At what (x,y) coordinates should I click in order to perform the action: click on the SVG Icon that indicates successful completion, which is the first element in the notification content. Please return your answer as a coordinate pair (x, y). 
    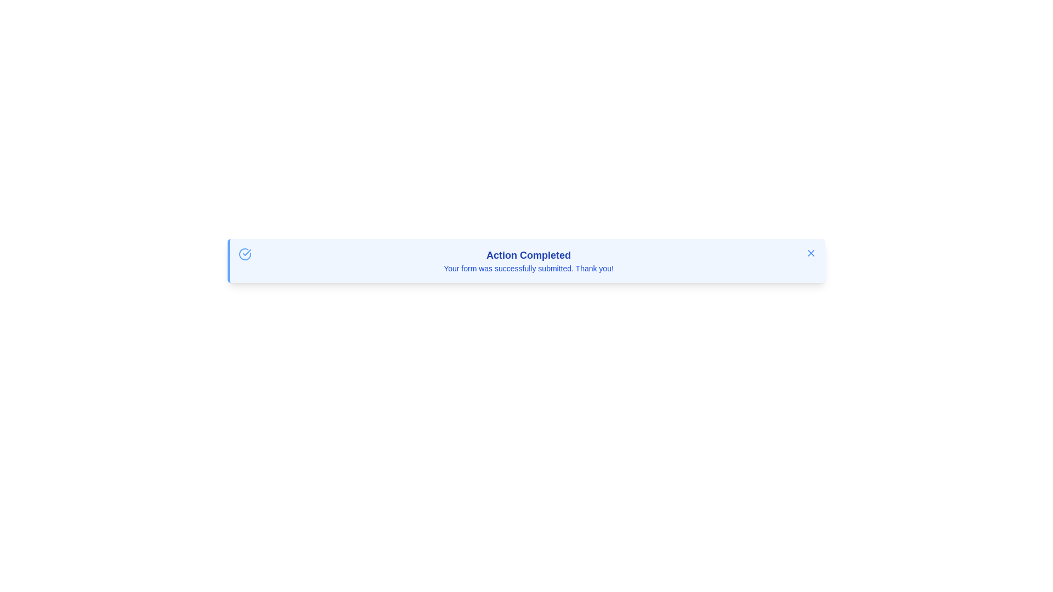
    Looking at the image, I should click on (244, 254).